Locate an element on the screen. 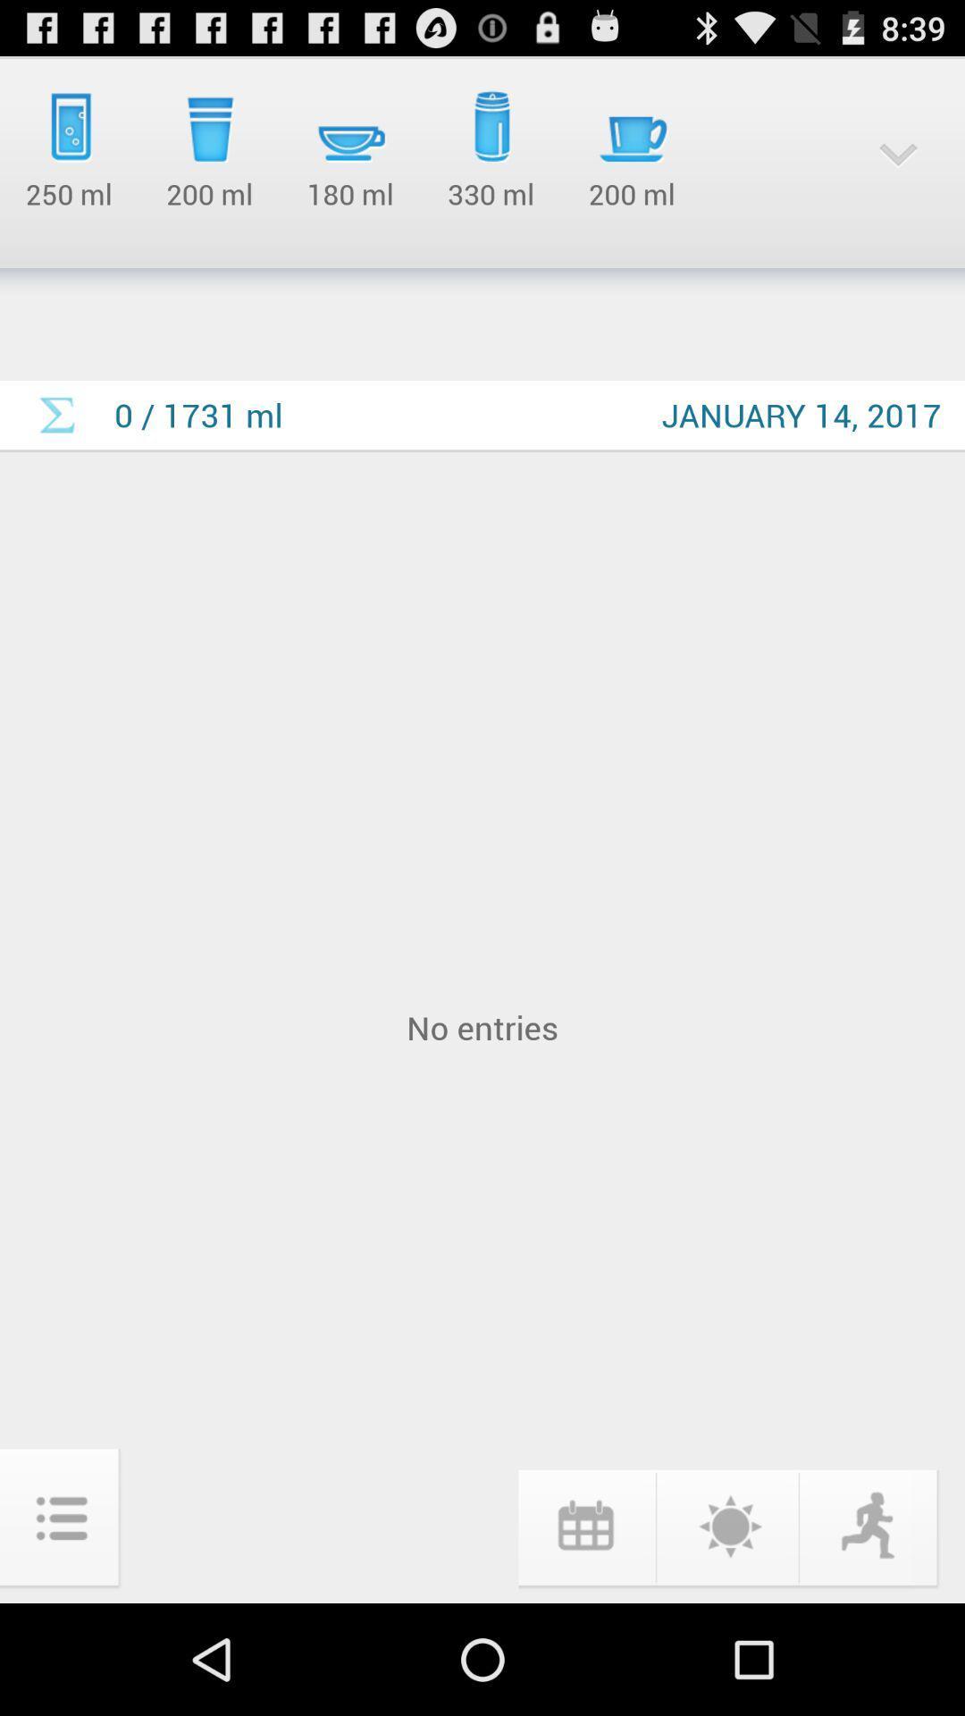 The height and width of the screenshot is (1716, 965). the dropdown icon at top right corner is located at coordinates (898, 155).